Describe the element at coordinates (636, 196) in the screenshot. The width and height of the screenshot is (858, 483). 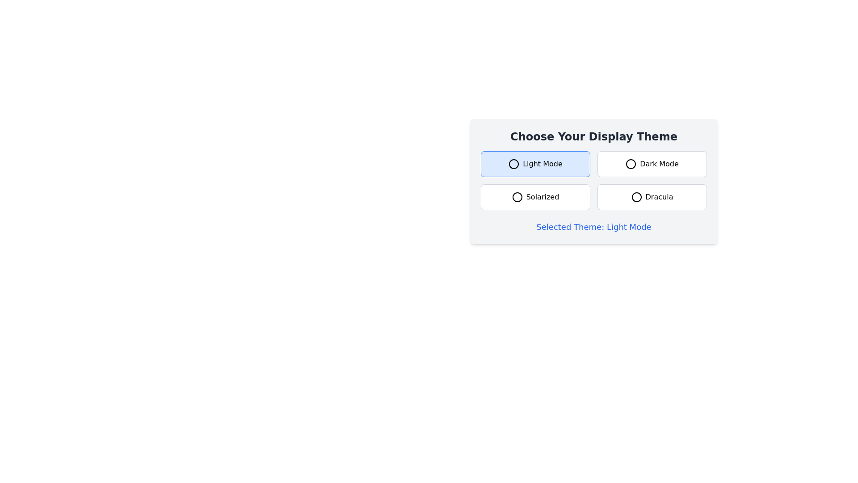
I see `the inner circle of the custom radio button for the 'Dracula' theme` at that location.